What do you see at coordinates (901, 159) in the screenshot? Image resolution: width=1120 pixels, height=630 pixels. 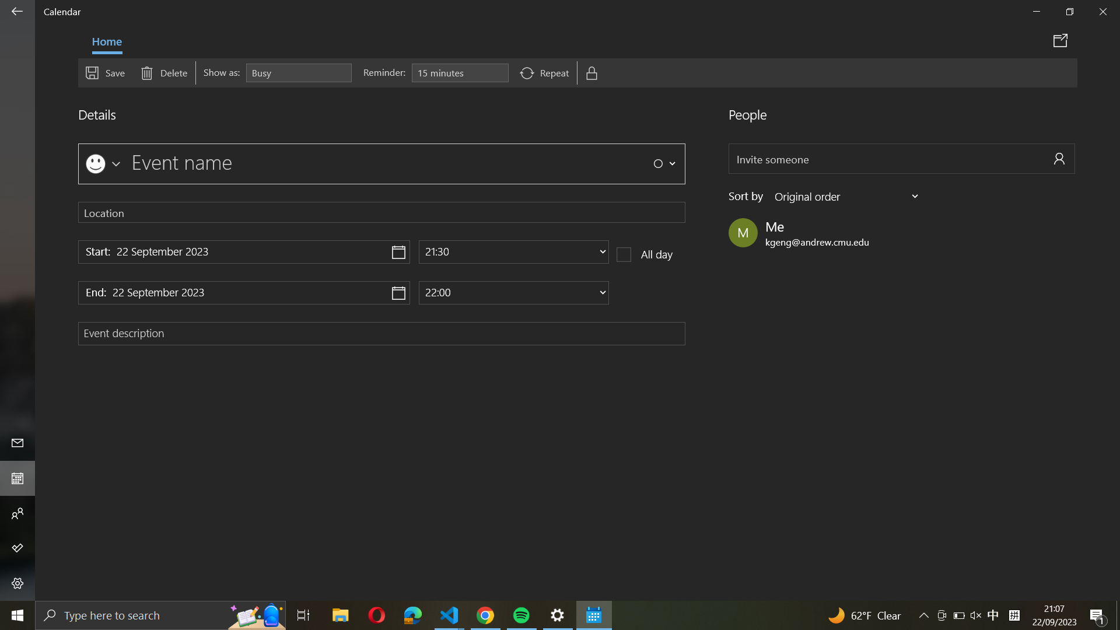 I see `Request the presence of "abc@example.com" at the upcoming event` at bounding box center [901, 159].